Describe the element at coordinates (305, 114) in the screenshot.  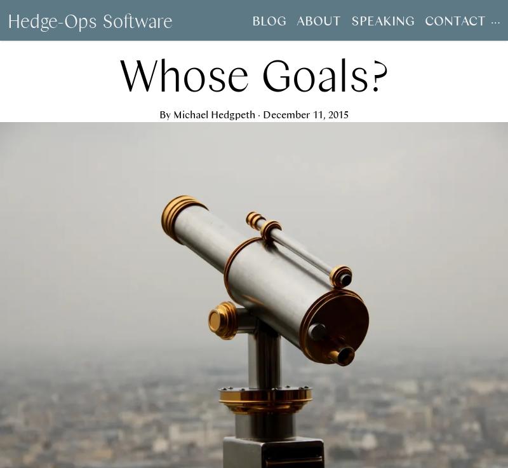
I see `'December 11, 2015'` at that location.